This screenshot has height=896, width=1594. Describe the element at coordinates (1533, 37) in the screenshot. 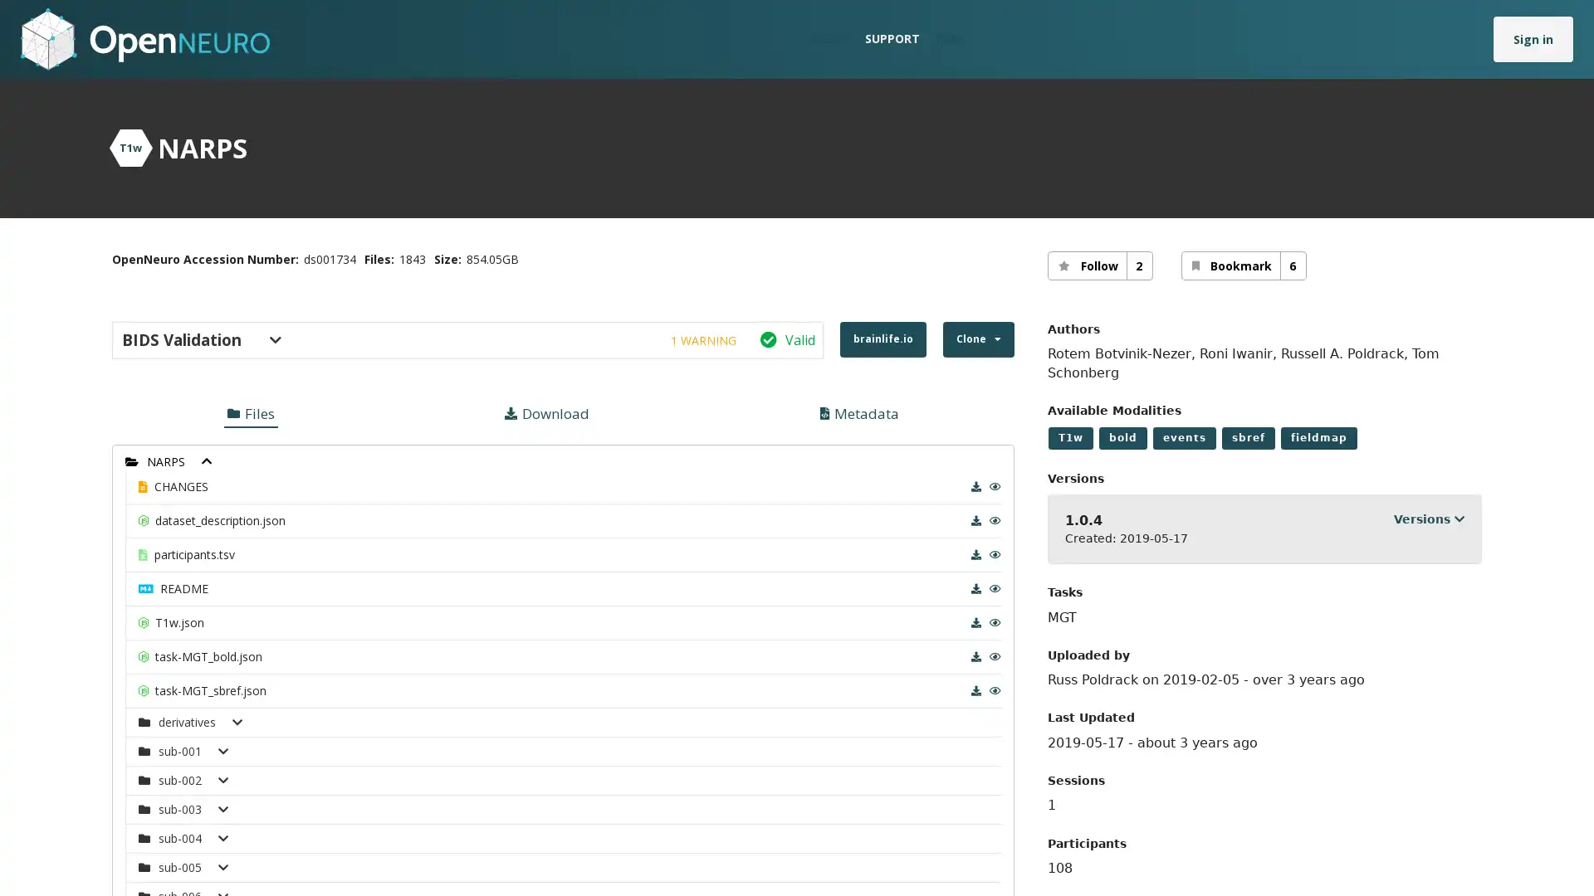

I see `Sign in` at that location.